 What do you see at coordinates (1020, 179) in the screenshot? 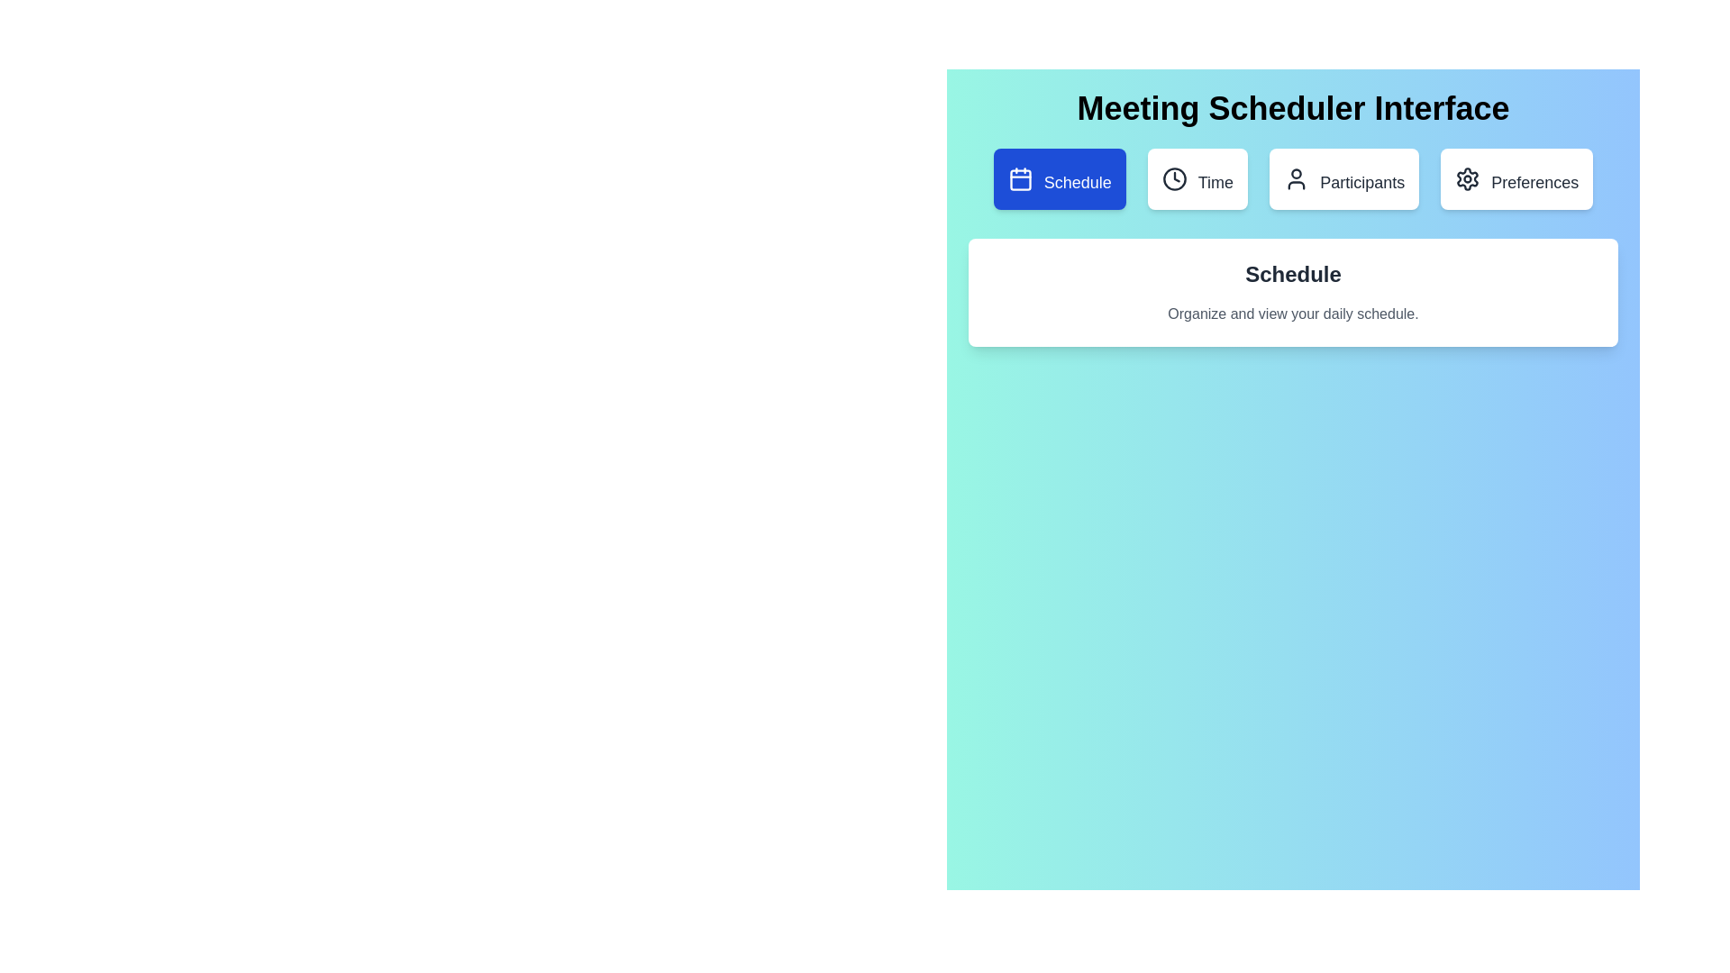
I see `the 'Schedule' icon located within the first control block of buttons at the top of the interface, which is styled with a blue background and positioned to the left of the 'Schedule' text` at bounding box center [1020, 179].